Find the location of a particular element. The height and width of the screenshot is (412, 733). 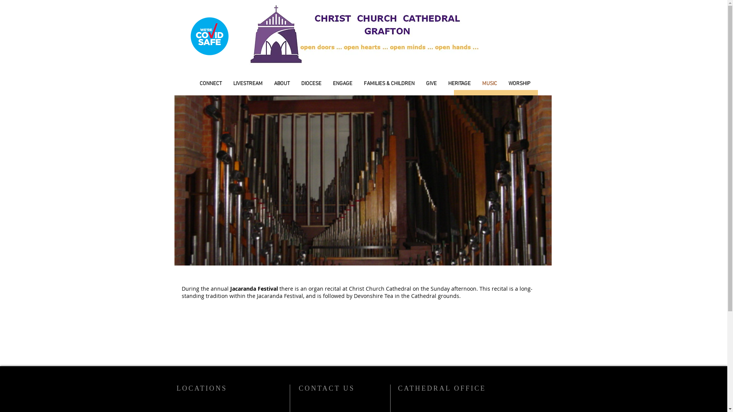

'HERITAGE' is located at coordinates (459, 84).